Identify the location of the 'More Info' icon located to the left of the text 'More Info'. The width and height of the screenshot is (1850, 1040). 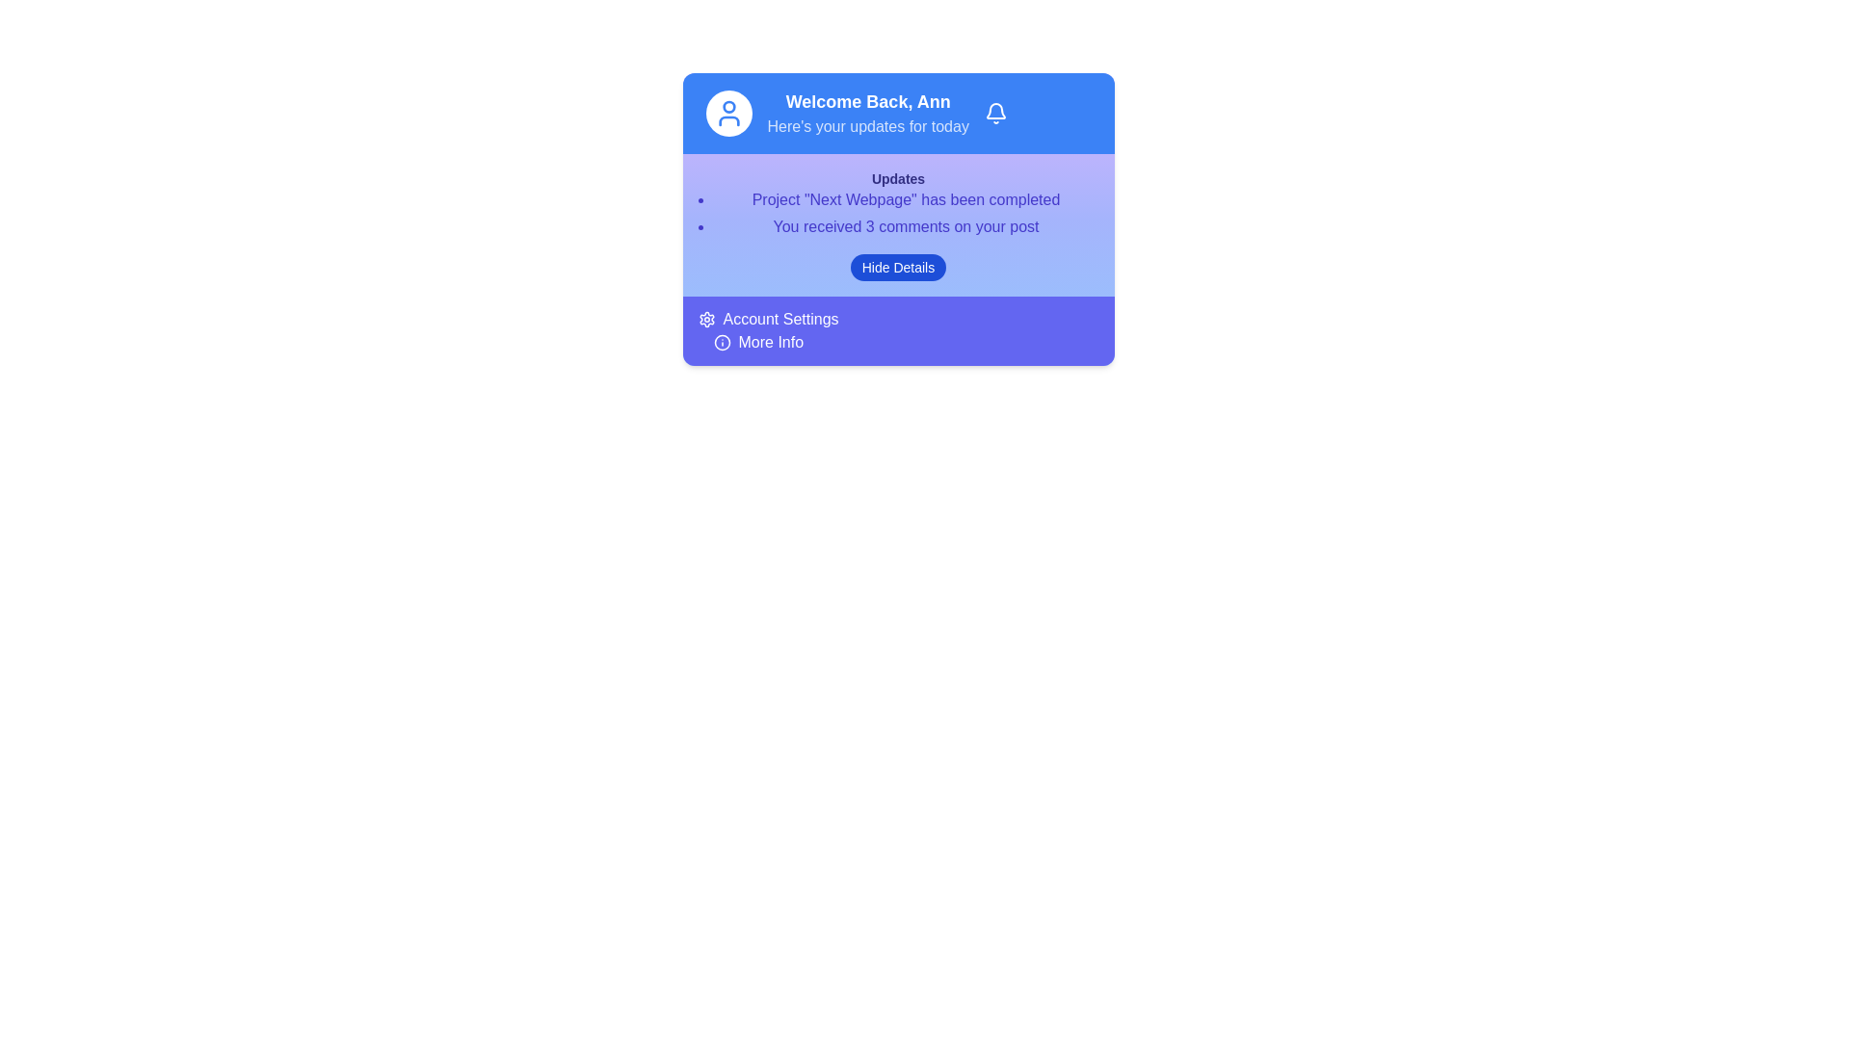
(721, 341).